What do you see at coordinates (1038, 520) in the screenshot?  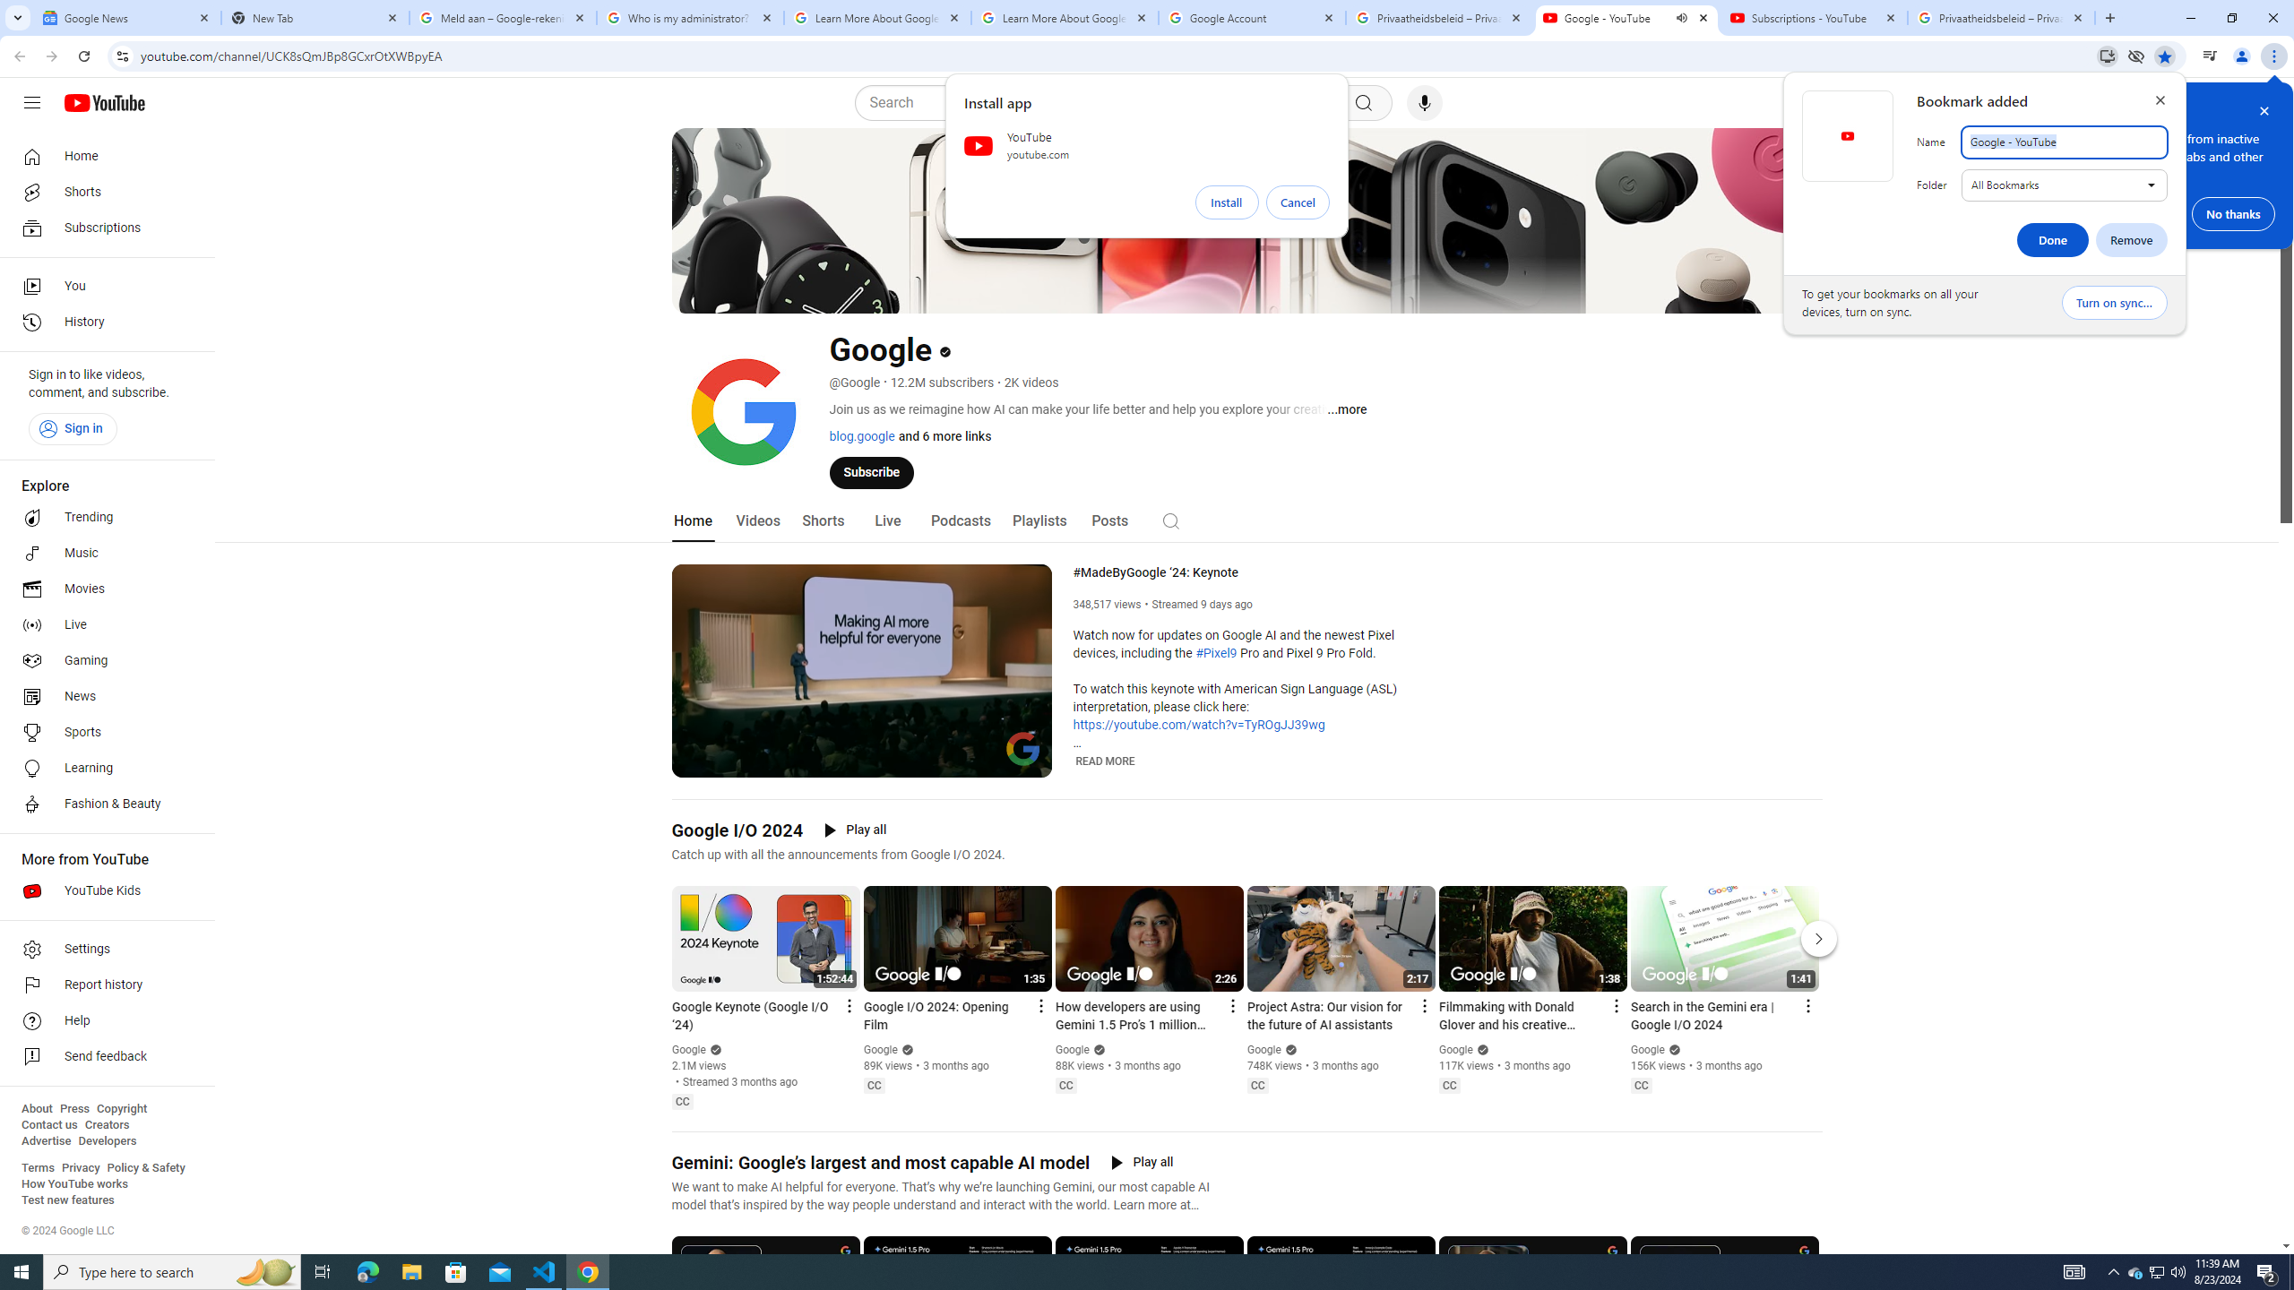 I see `'Playlists'` at bounding box center [1038, 520].